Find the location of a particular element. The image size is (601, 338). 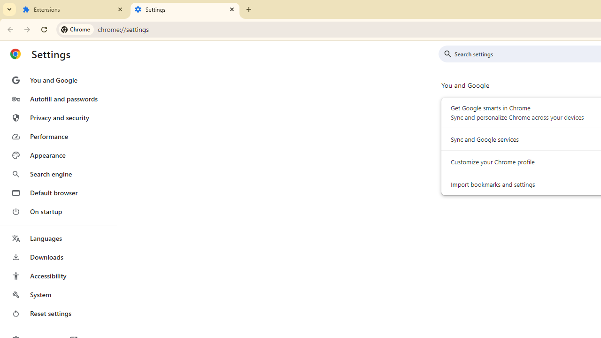

'Languages' is located at coordinates (58, 238).